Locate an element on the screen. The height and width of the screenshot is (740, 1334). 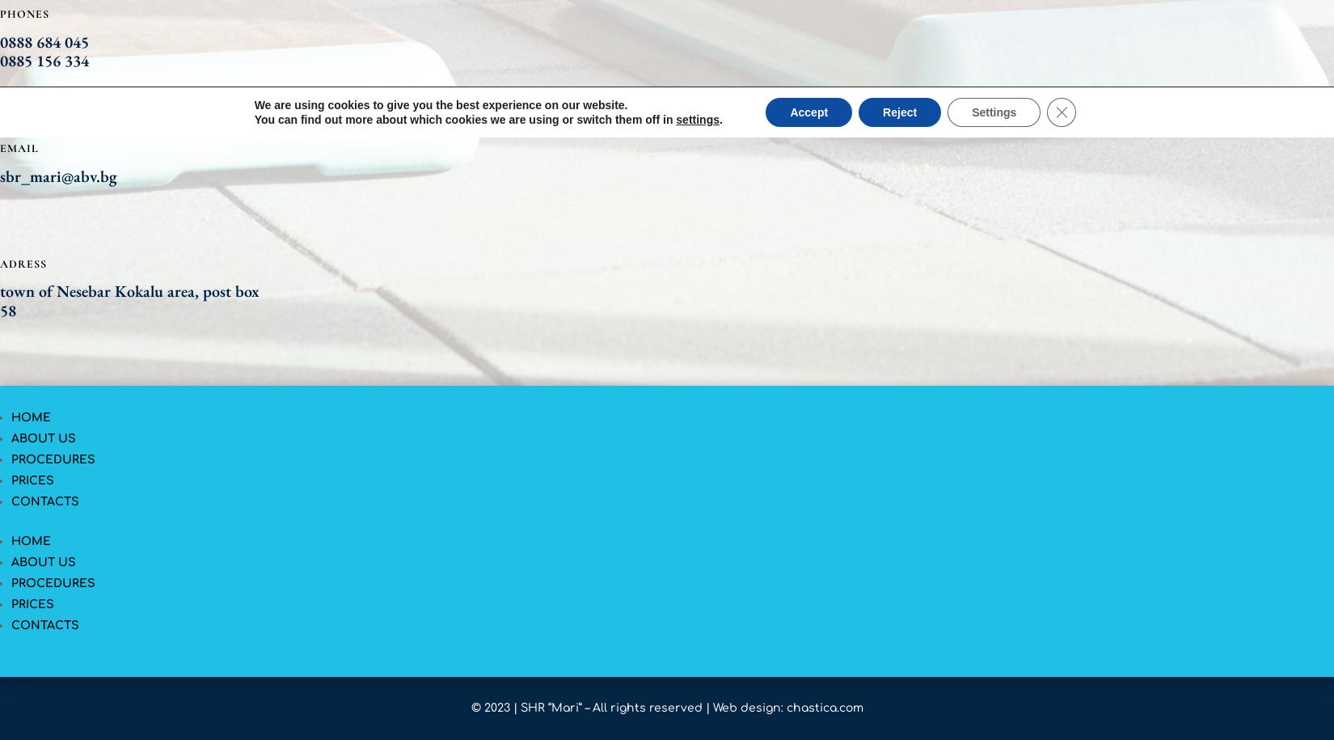
'Adress' is located at coordinates (23, 263).